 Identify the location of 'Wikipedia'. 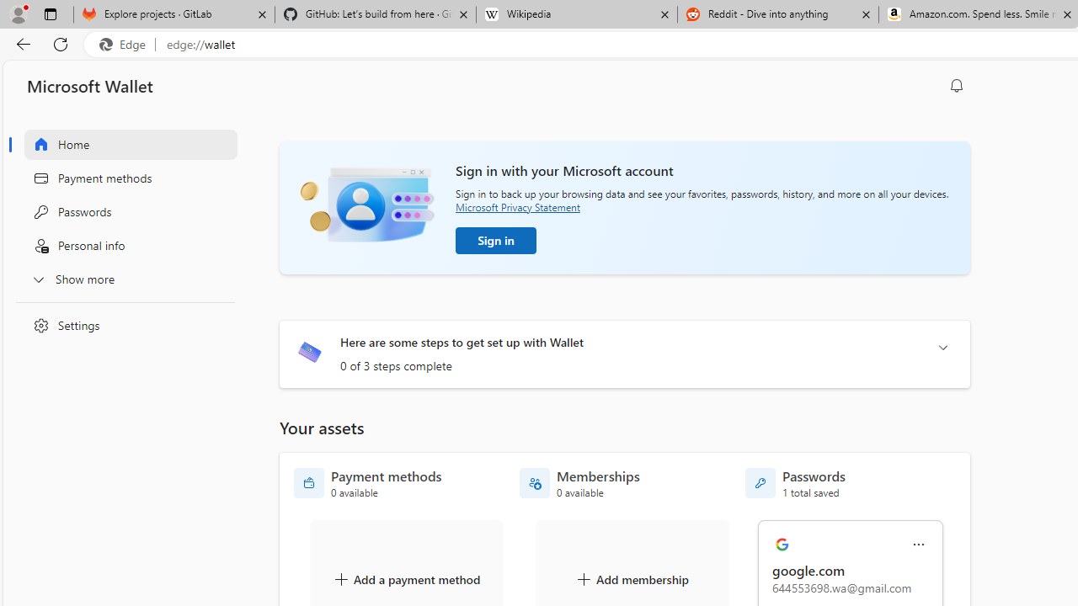
(576, 14).